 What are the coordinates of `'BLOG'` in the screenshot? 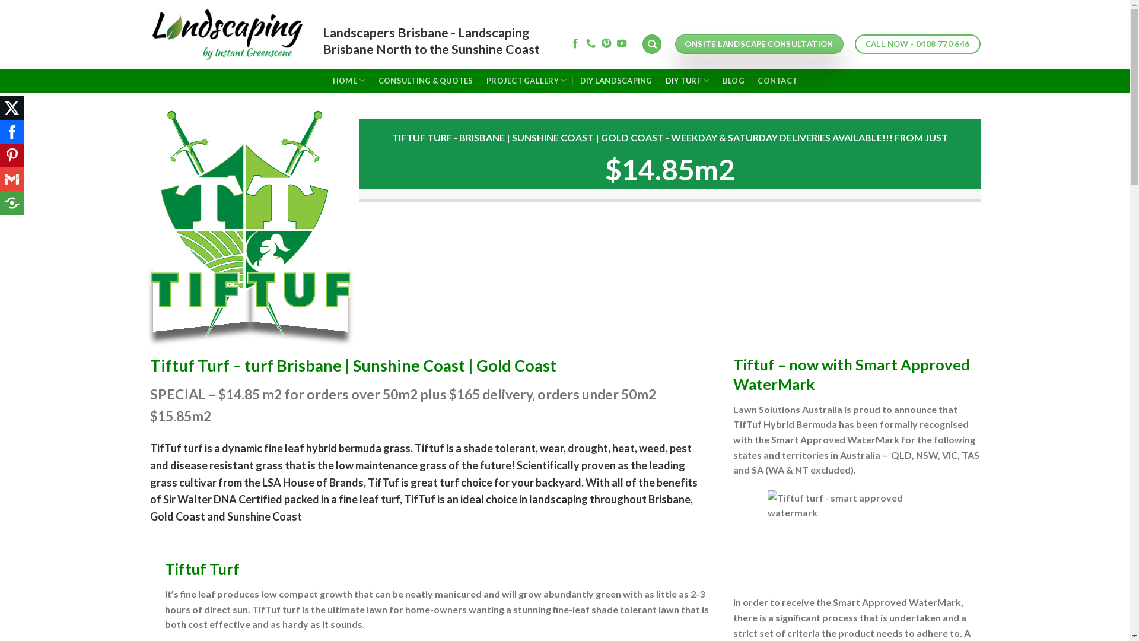 It's located at (733, 80).